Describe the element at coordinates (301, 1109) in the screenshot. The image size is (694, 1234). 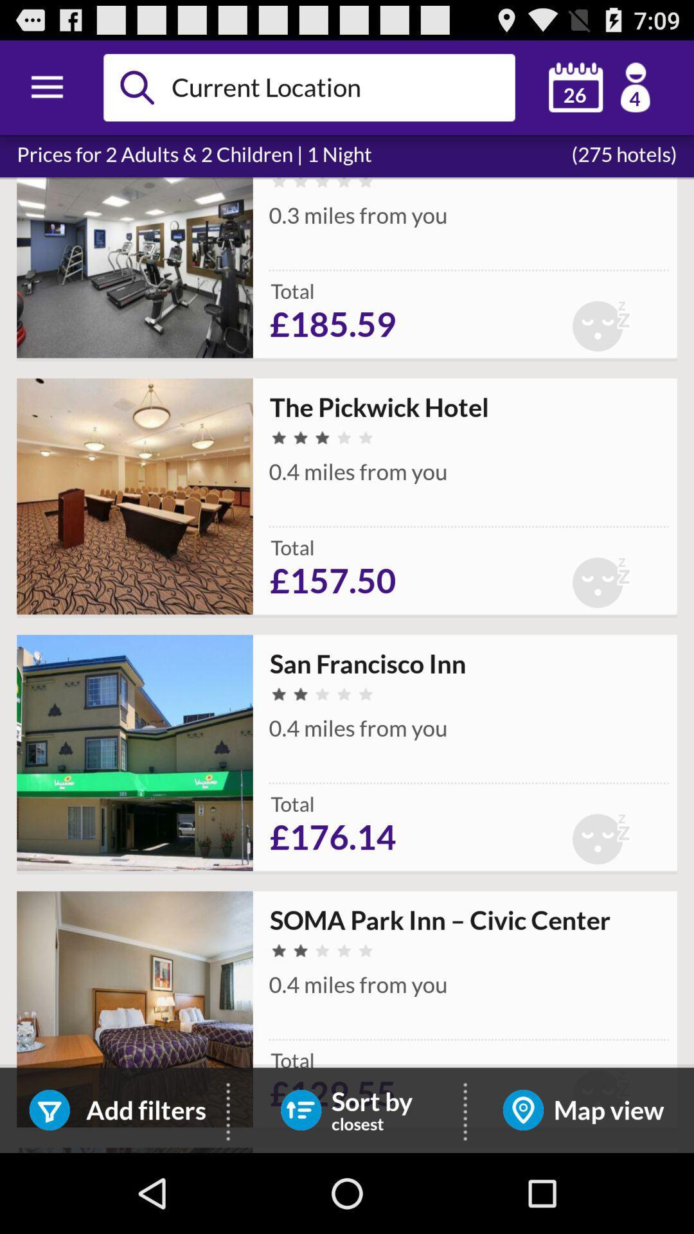
I see `sort by icon` at that location.